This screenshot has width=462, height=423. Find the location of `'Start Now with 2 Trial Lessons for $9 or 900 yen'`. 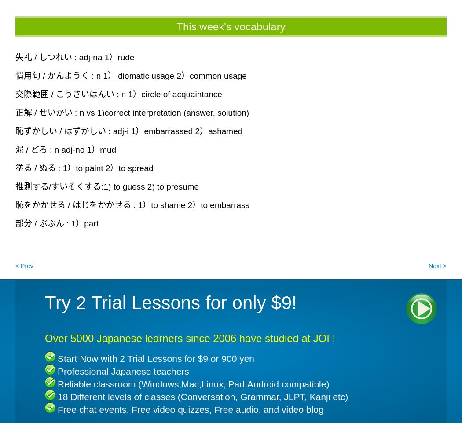

'Start Now with 2 Trial Lessons for $9 or 900 yen' is located at coordinates (57, 358).